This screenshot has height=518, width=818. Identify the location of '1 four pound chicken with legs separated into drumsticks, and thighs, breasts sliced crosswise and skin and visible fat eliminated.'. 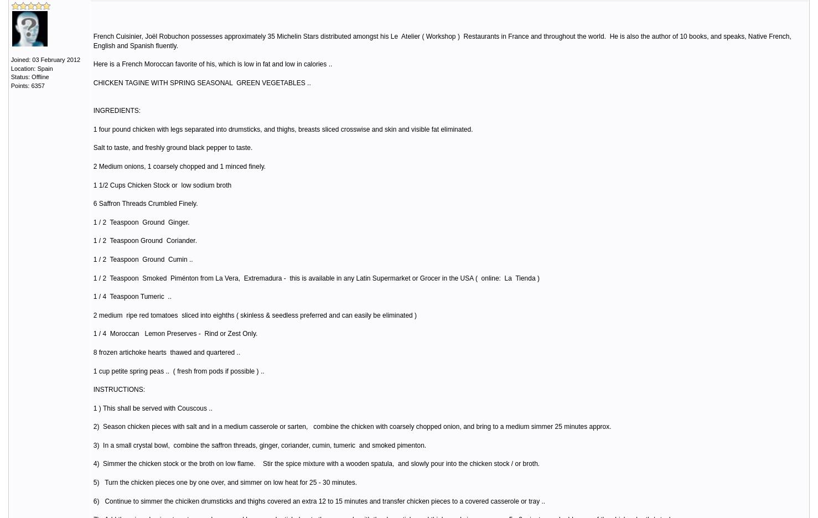
(282, 128).